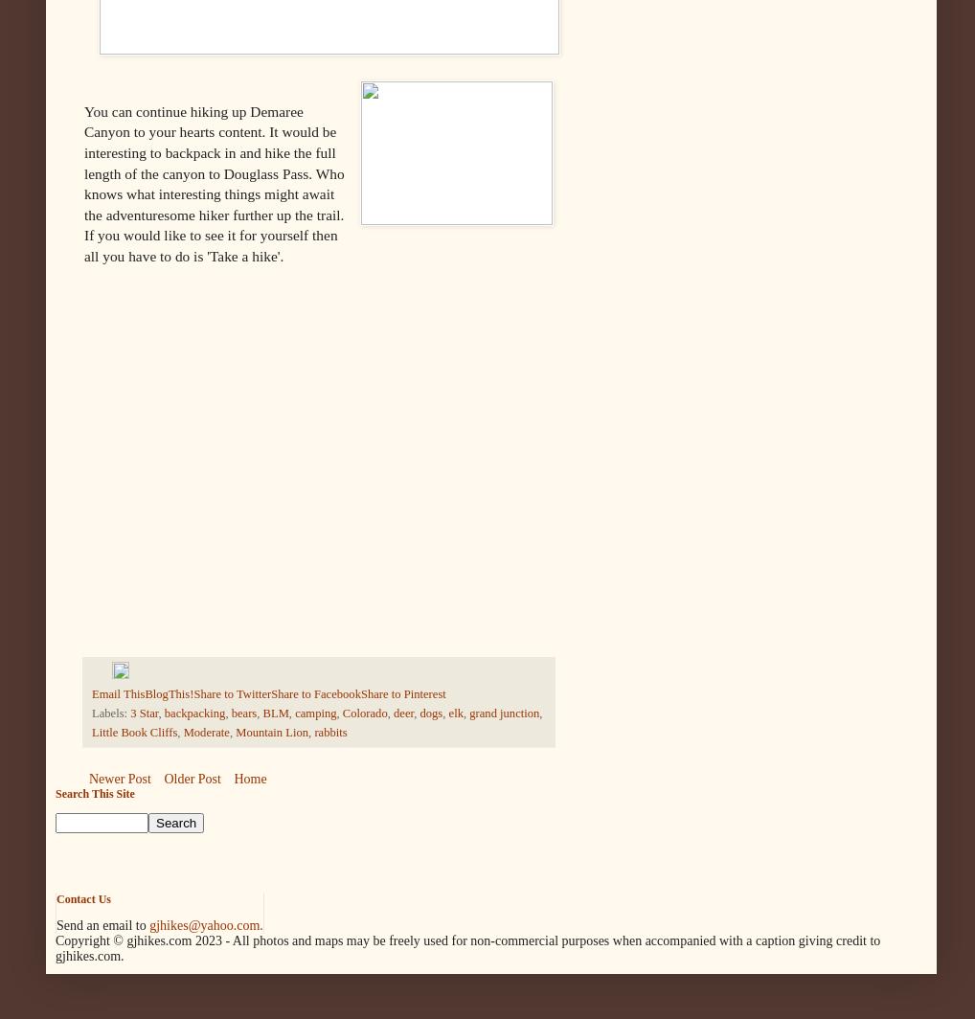  What do you see at coordinates (455, 712) in the screenshot?
I see `'elk'` at bounding box center [455, 712].